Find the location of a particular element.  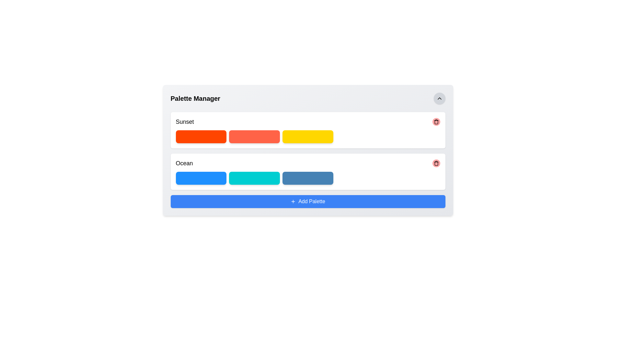

the button located at the top-right corner of the 'Palette Manager' section is located at coordinates (439, 99).